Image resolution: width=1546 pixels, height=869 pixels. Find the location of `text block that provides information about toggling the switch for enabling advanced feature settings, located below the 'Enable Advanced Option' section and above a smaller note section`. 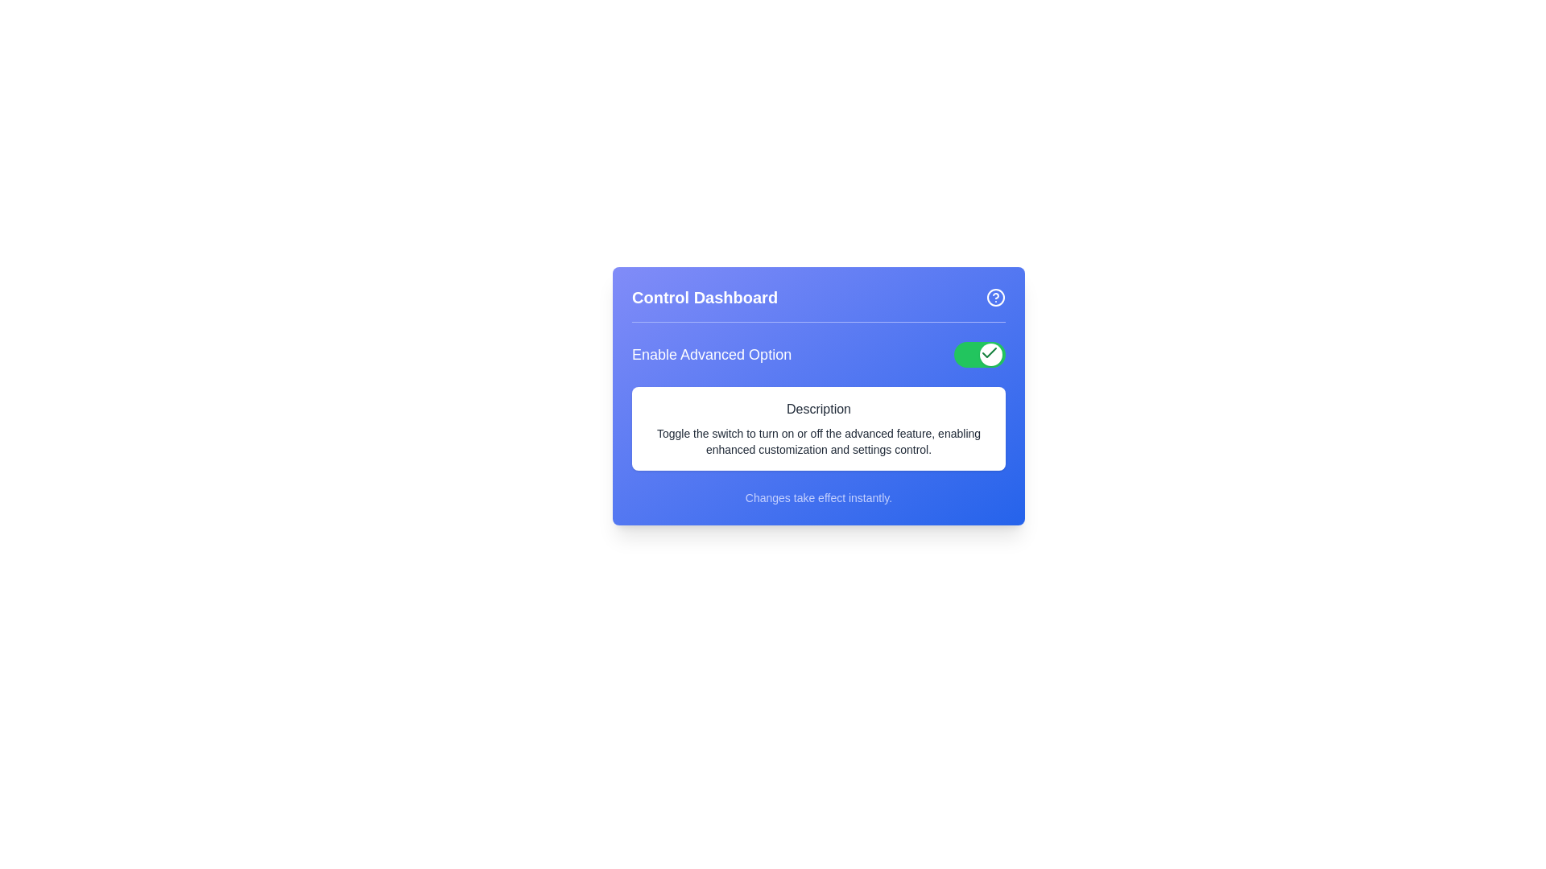

text block that provides information about toggling the switch for enabling advanced feature settings, located below the 'Enable Advanced Option' section and above a smaller note section is located at coordinates (819, 427).